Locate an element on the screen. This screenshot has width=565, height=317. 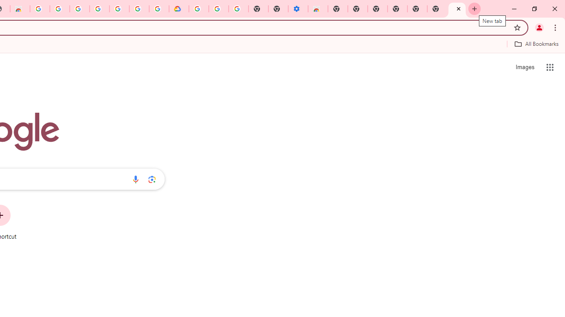
'New Tab' is located at coordinates (457, 9).